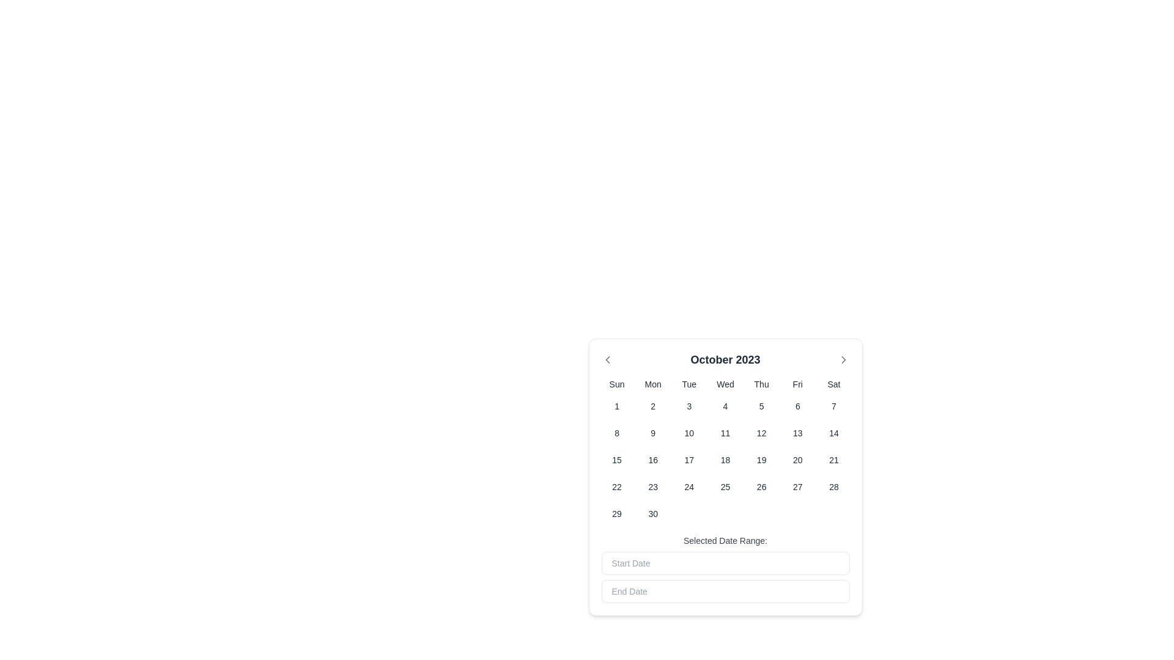  Describe the element at coordinates (725, 406) in the screenshot. I see `the square button with the number '4' centered within it, located in the fourth column of the second row under the 'Wed' header in the calendar interface` at that location.